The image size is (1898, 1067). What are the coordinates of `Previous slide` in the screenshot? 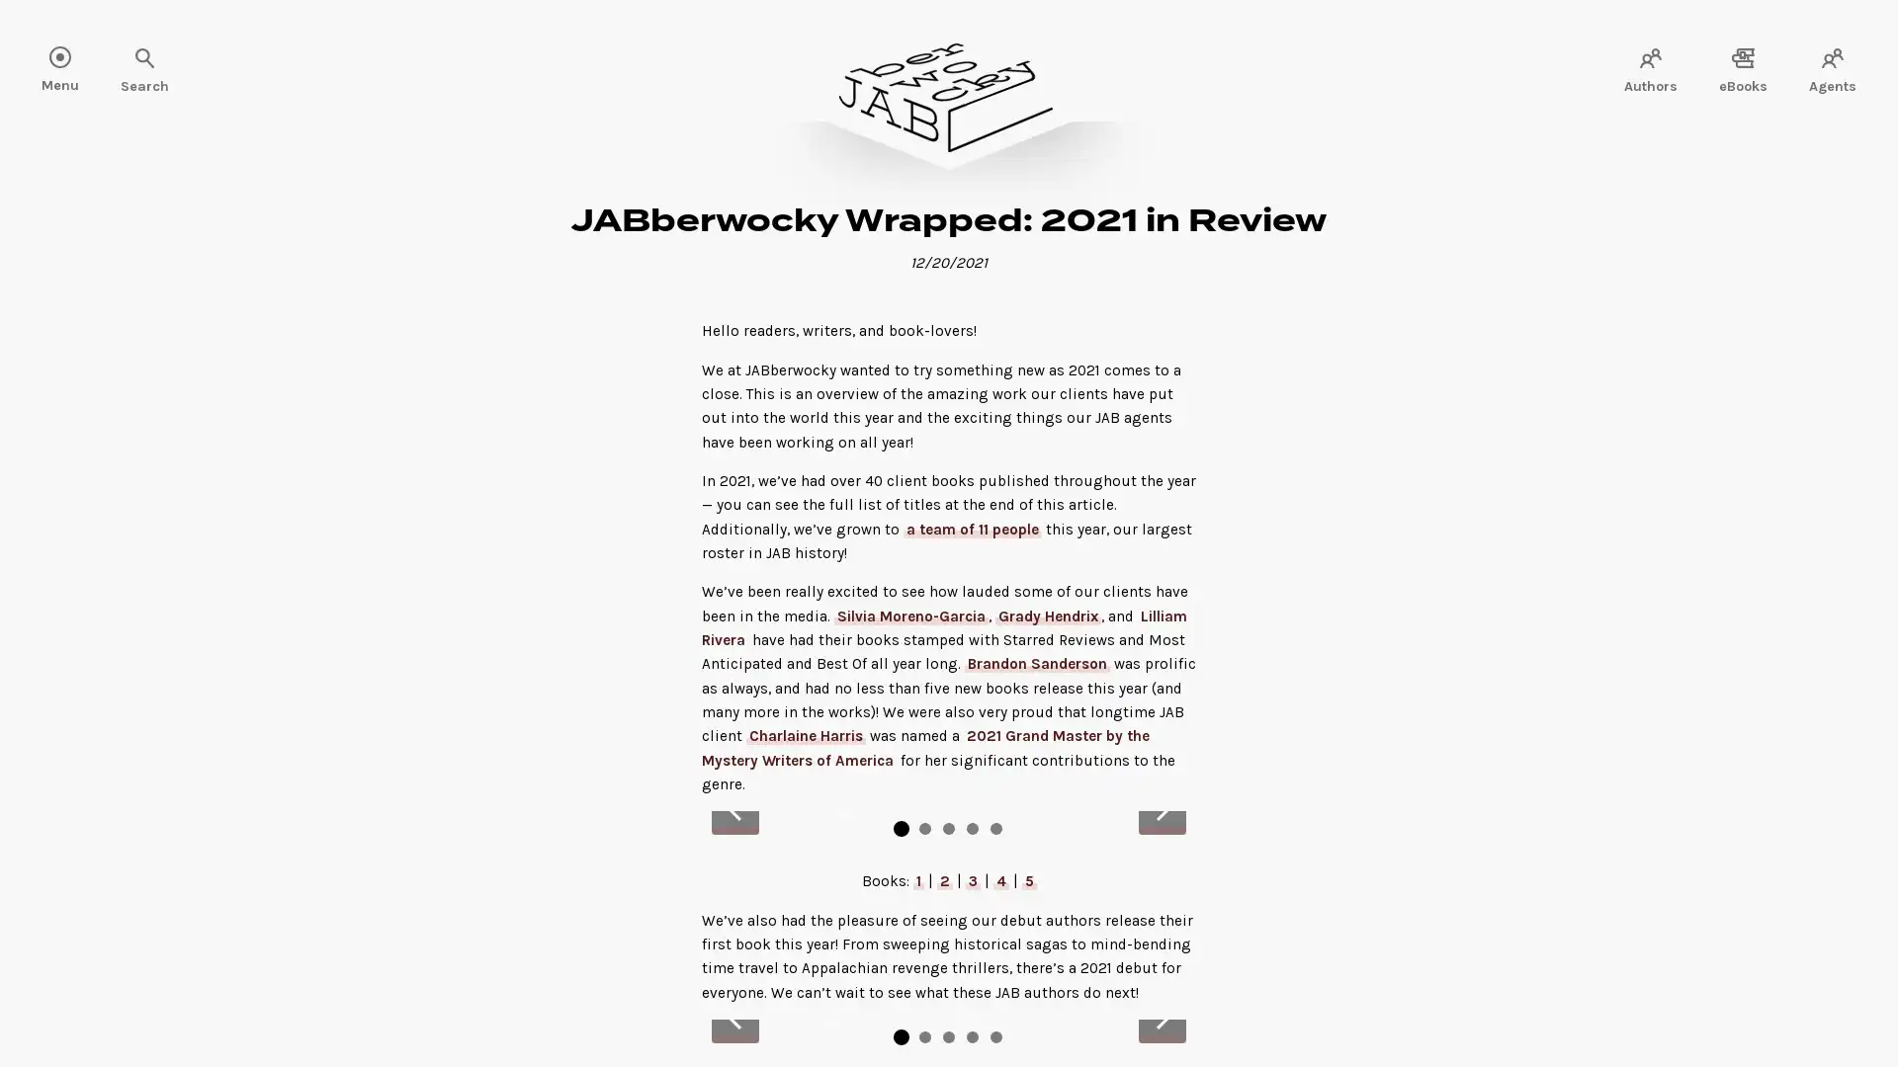 It's located at (734, 1020).